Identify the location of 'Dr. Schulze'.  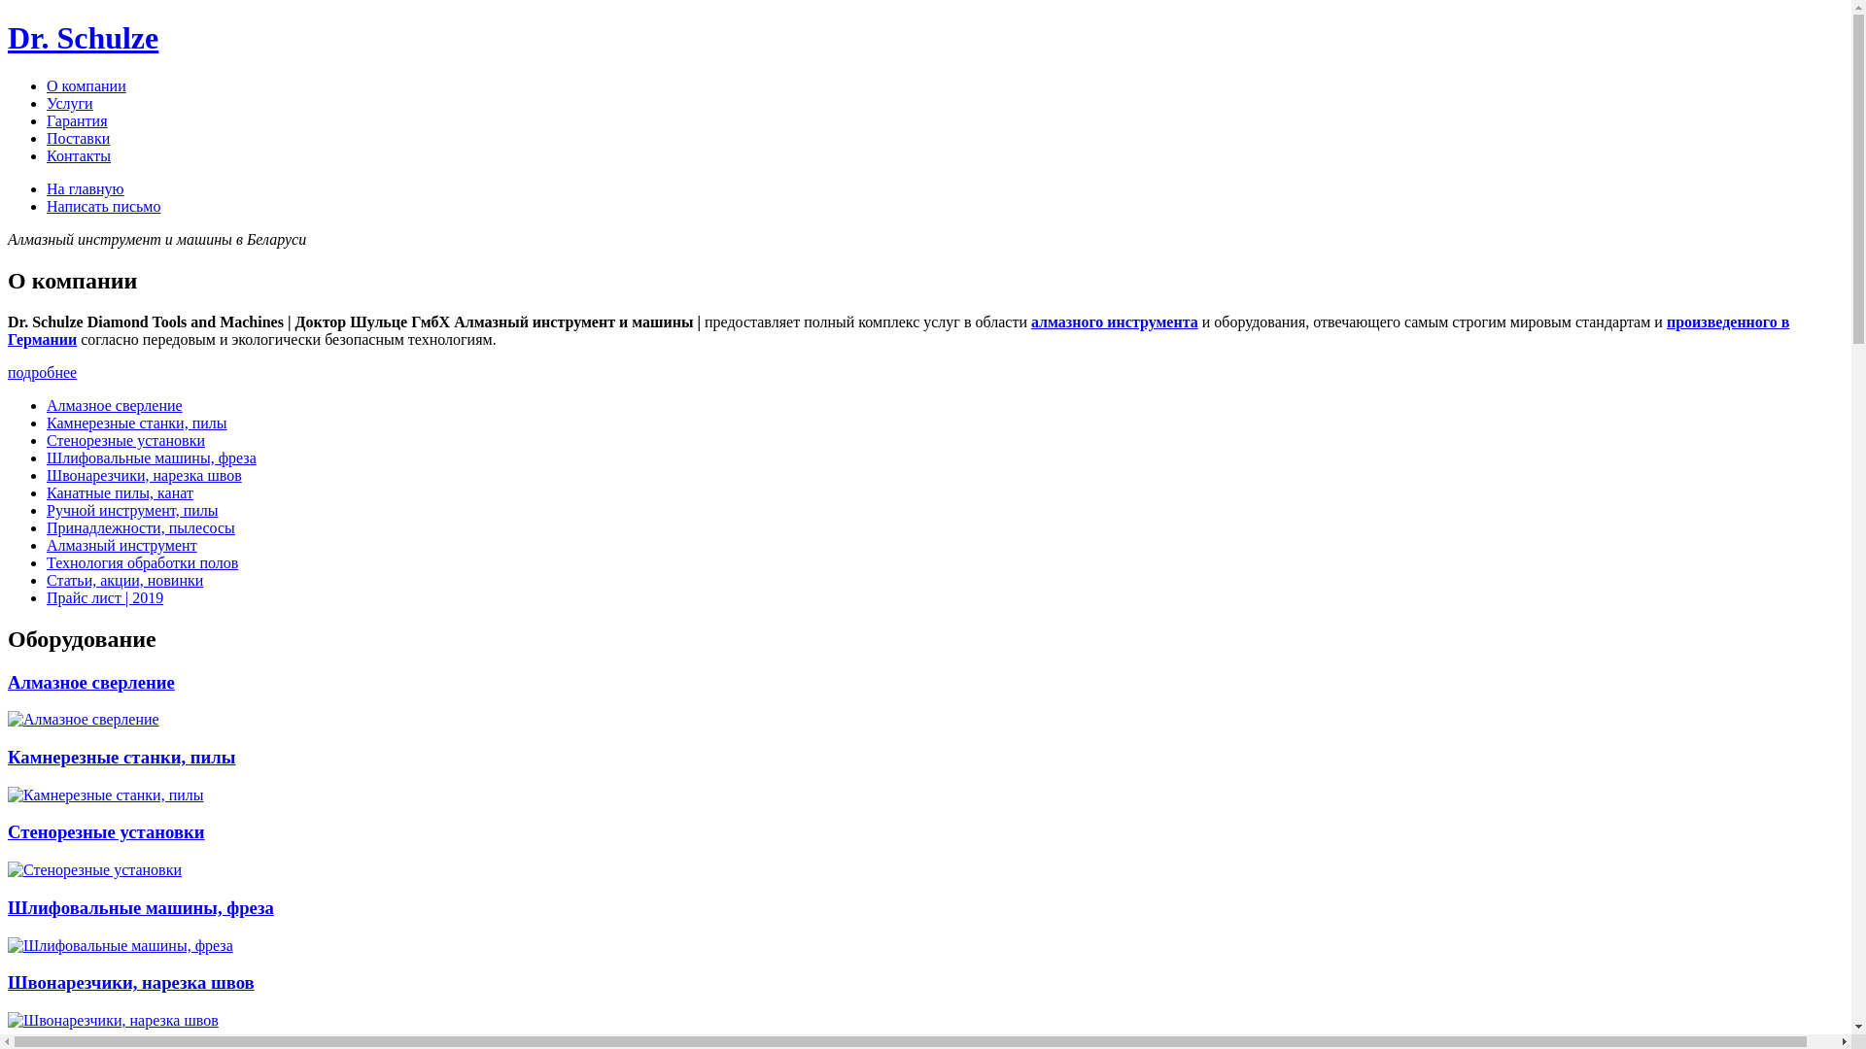
(8, 37).